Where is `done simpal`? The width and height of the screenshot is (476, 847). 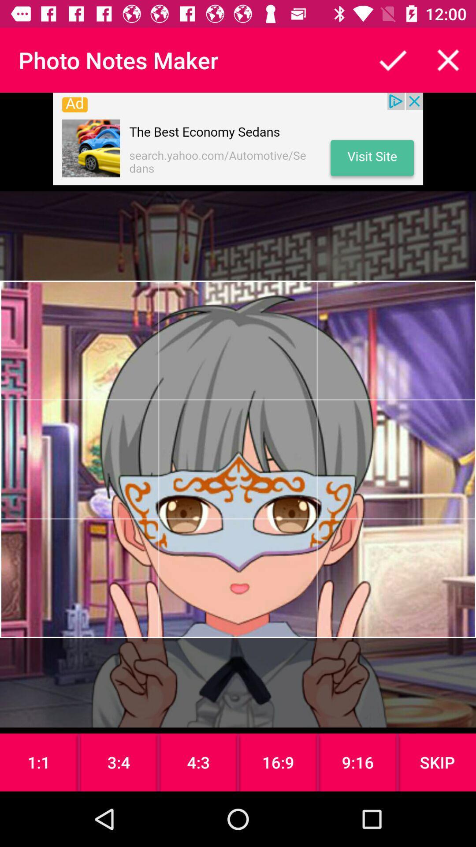 done simpal is located at coordinates (392, 60).